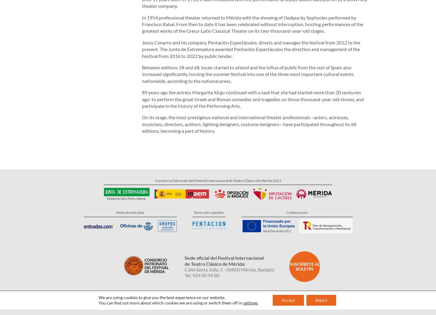  I want to click on 'You can find out more about which cookies we are using or switch them off in', so click(170, 278).